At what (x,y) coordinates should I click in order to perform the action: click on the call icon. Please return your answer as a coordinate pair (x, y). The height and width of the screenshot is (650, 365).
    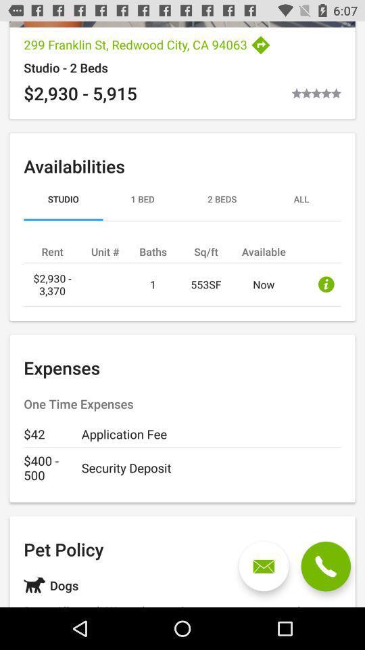
    Looking at the image, I should click on (325, 566).